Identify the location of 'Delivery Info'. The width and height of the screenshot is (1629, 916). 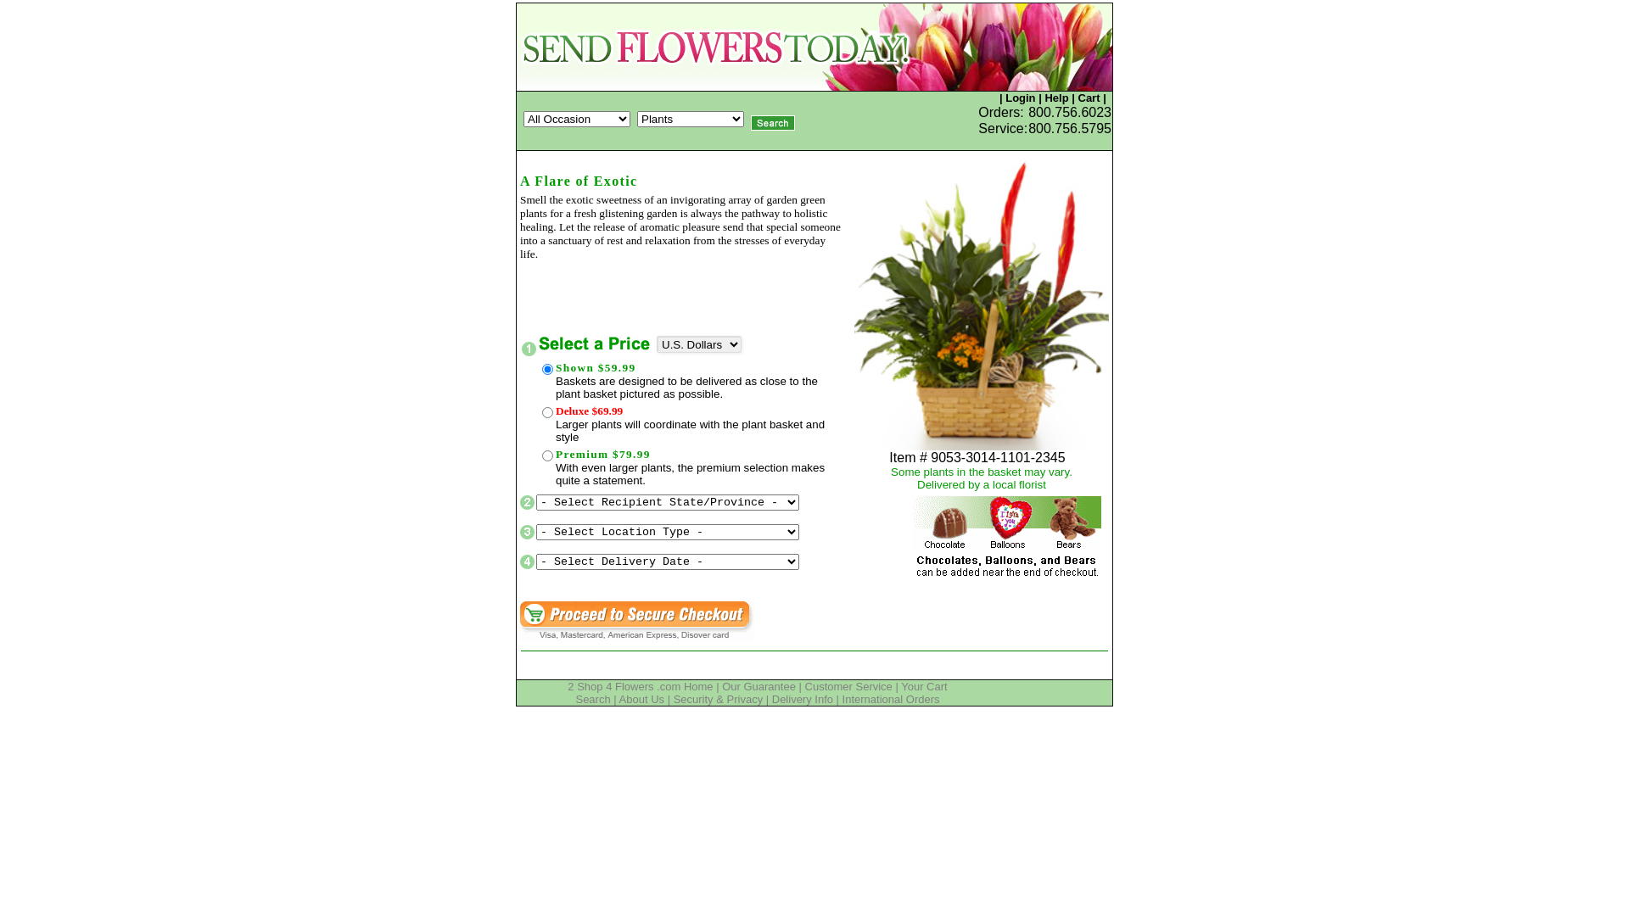
(801, 699).